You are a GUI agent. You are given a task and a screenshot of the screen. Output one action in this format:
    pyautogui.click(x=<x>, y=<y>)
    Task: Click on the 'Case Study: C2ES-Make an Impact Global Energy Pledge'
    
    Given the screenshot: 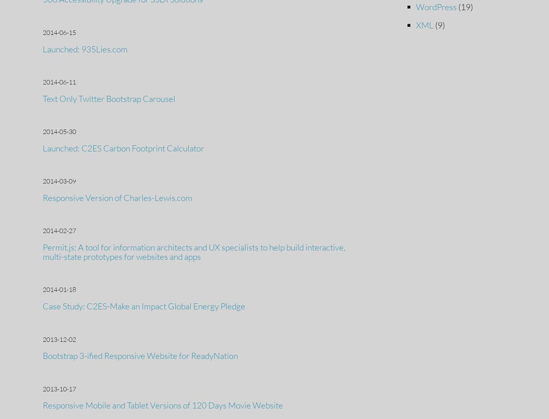 What is the action you would take?
    pyautogui.click(x=144, y=305)
    